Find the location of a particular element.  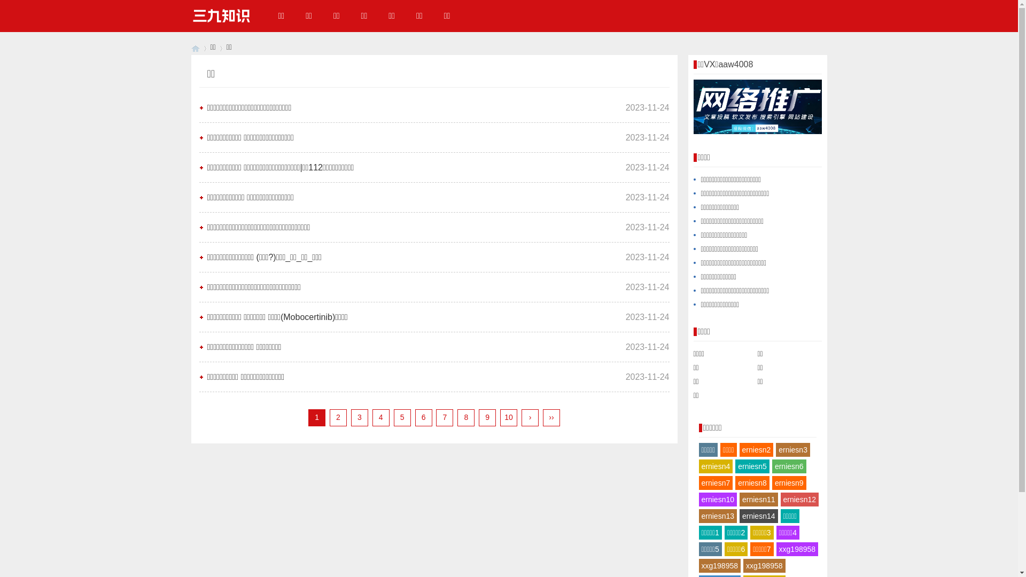

'4' is located at coordinates (381, 417).